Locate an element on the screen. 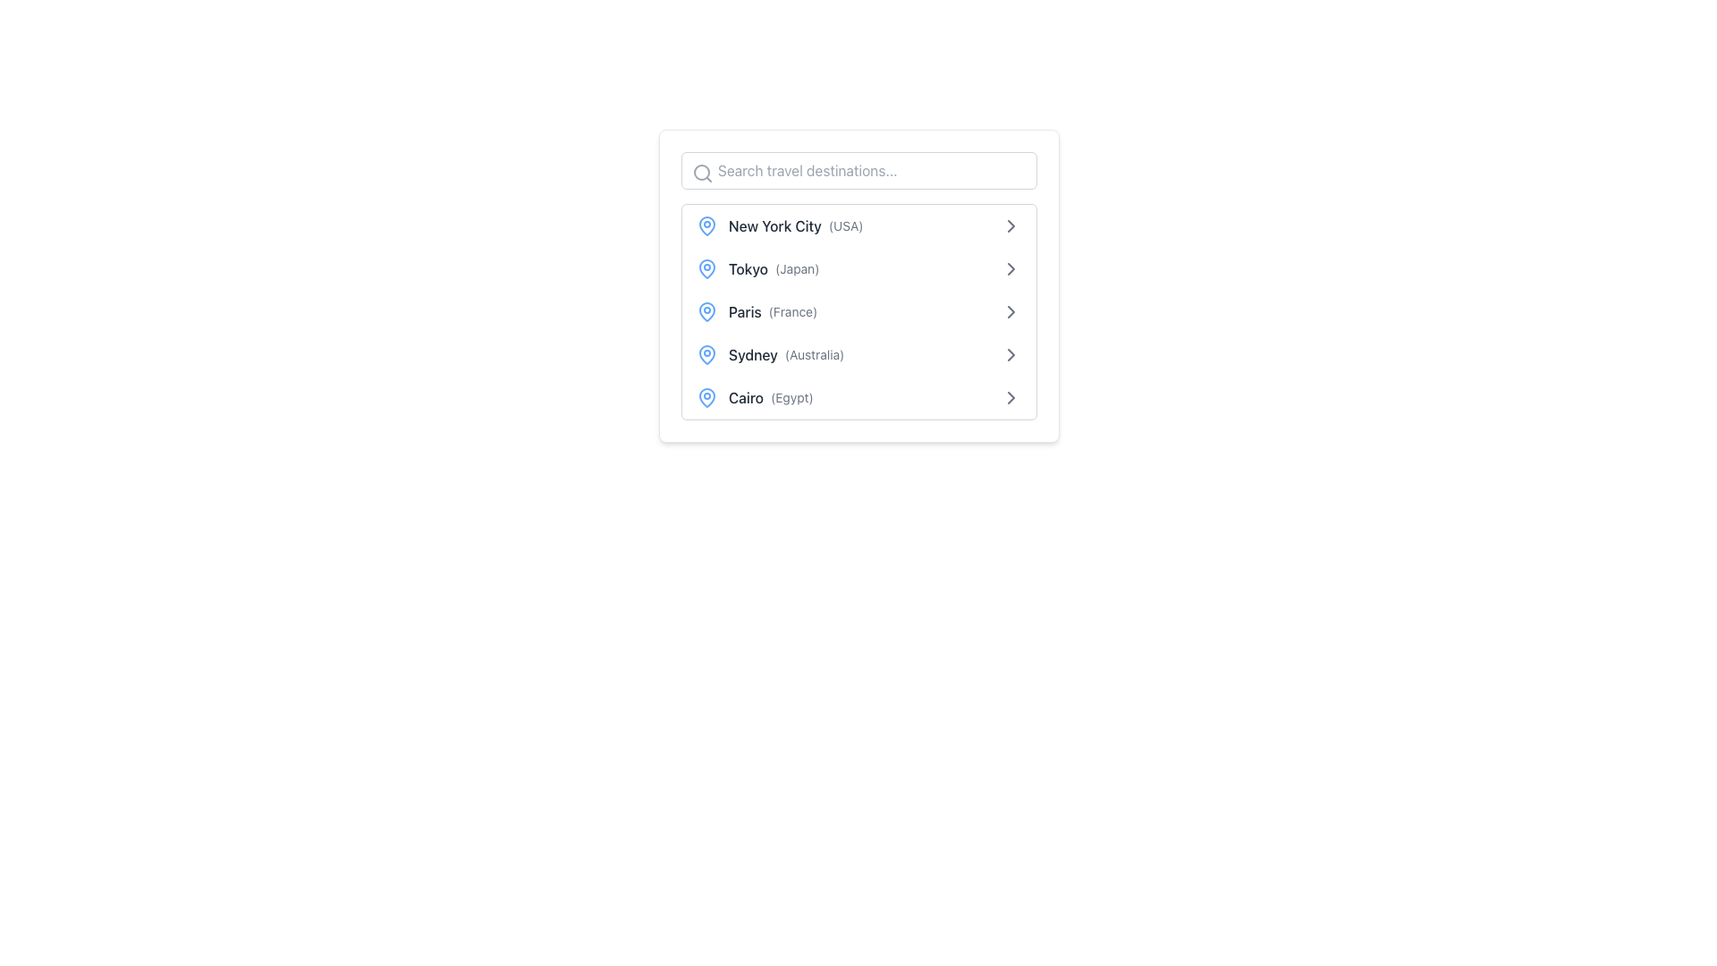  the third row destination item in the list, which is positioned between 'Tokyo (Japan)' and 'Sydney (Australia)' is located at coordinates (858, 310).